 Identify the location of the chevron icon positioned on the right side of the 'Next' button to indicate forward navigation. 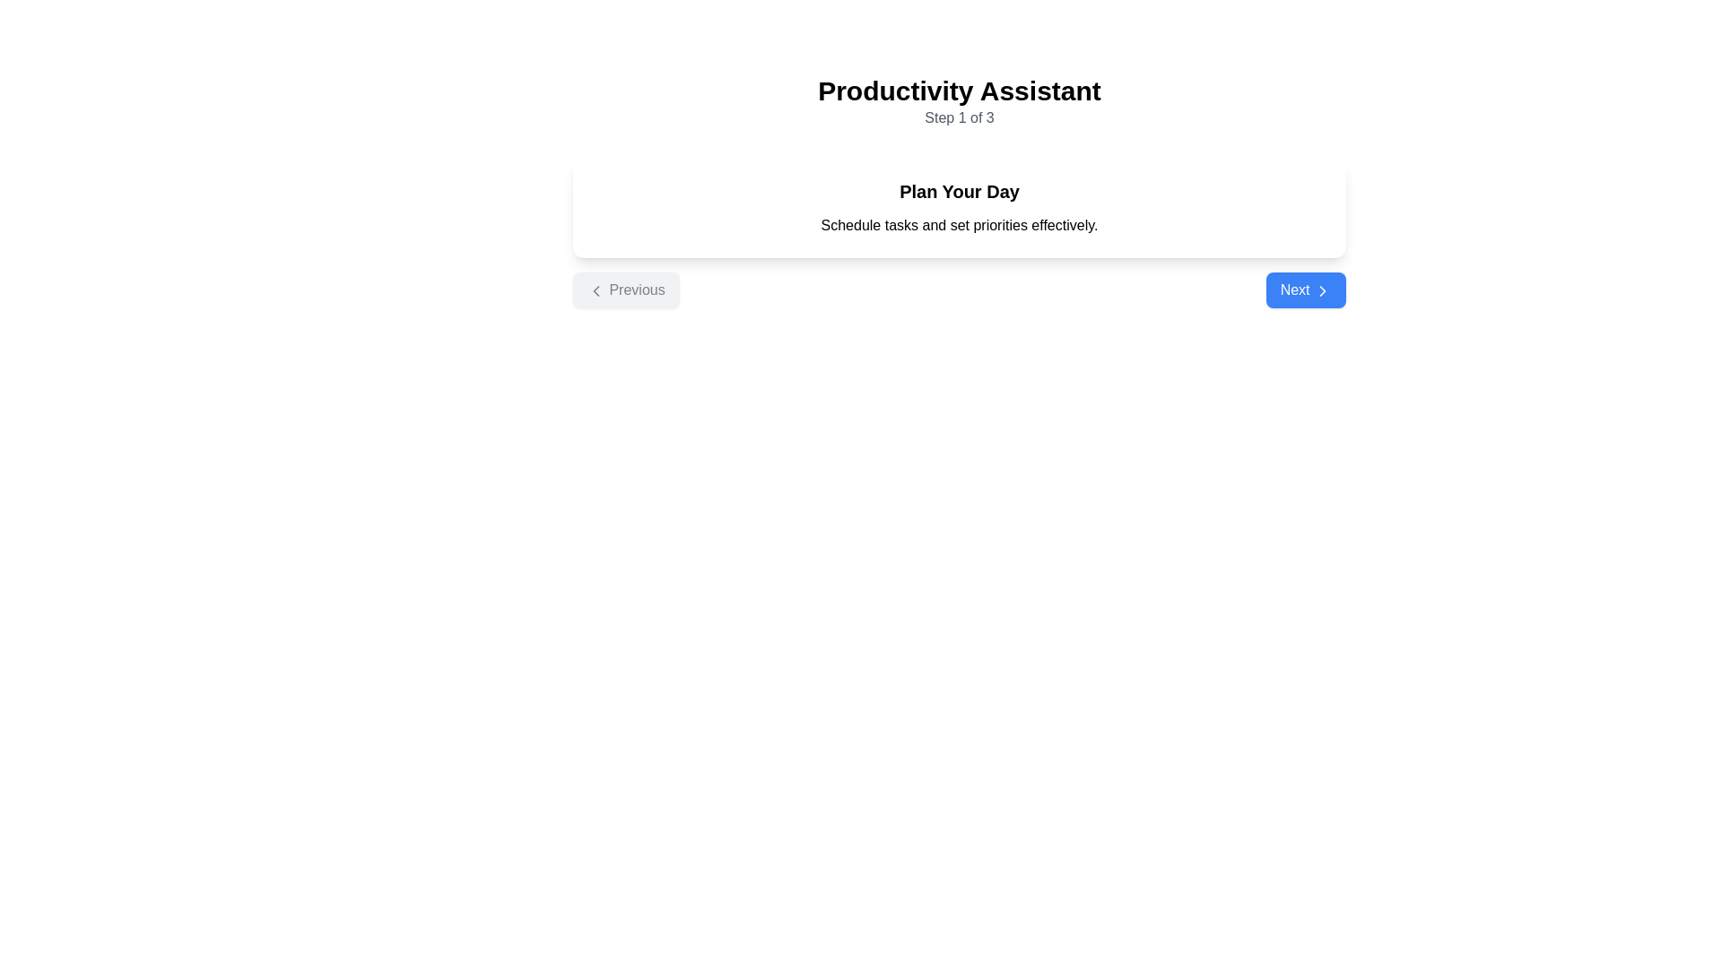
(1322, 290).